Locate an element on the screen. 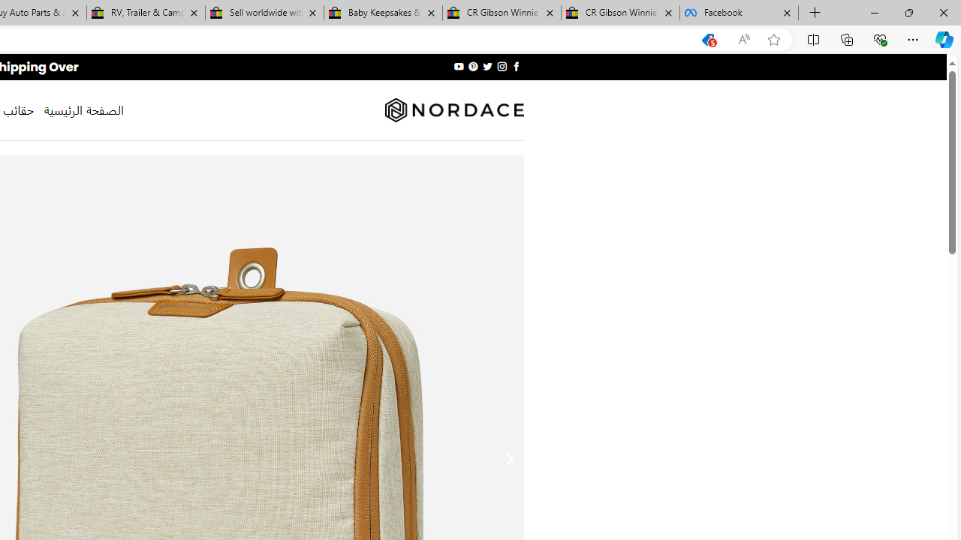 This screenshot has width=961, height=540. 'Follow on Pinterest' is located at coordinates (473, 66).